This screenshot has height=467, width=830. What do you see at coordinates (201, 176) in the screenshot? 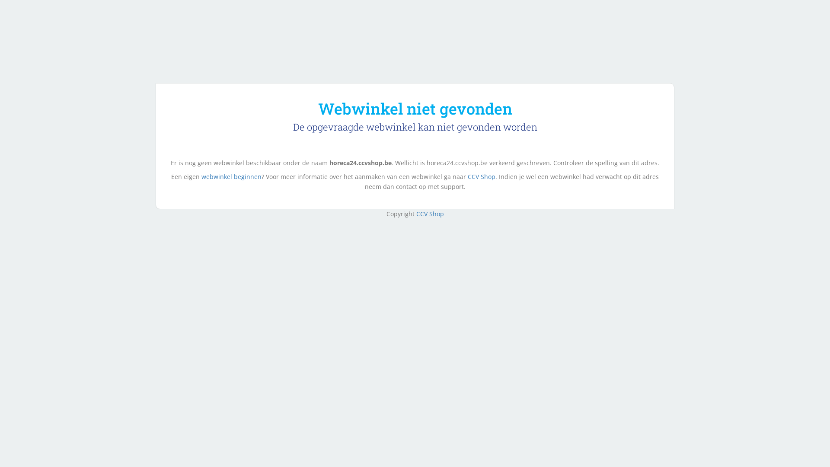
I see `'webwinkel beginnen'` at bounding box center [201, 176].